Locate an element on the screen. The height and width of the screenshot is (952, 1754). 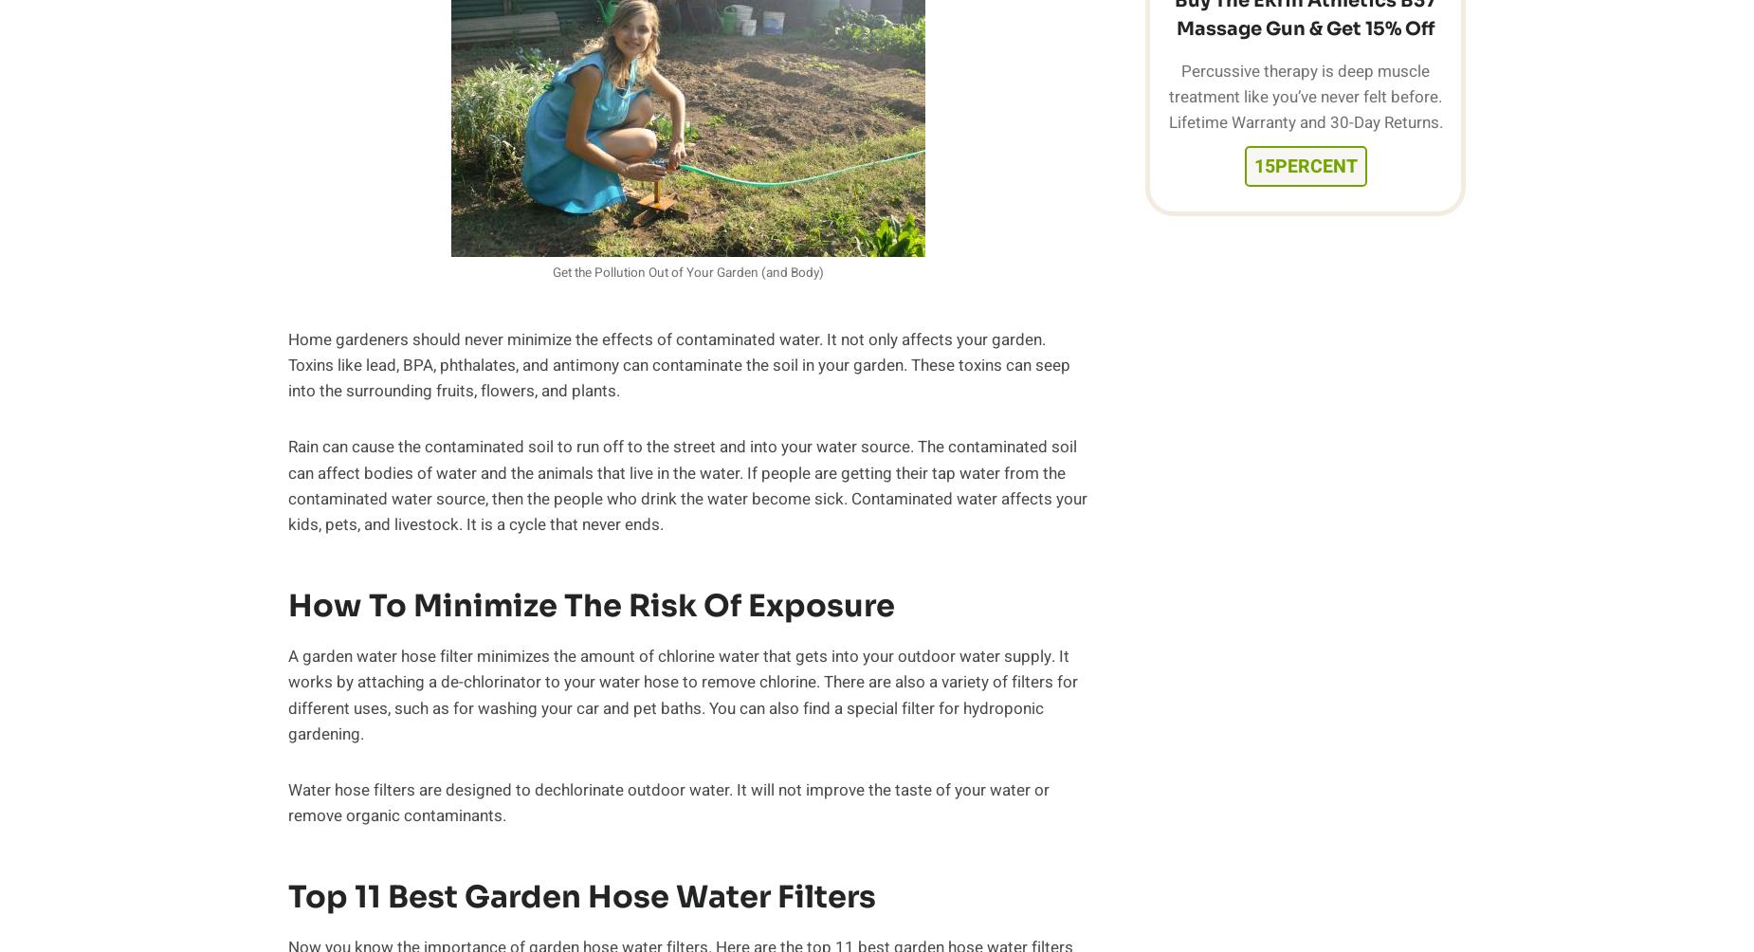
'Top 11 Best Garden Hose Water Filters' is located at coordinates (582, 895).